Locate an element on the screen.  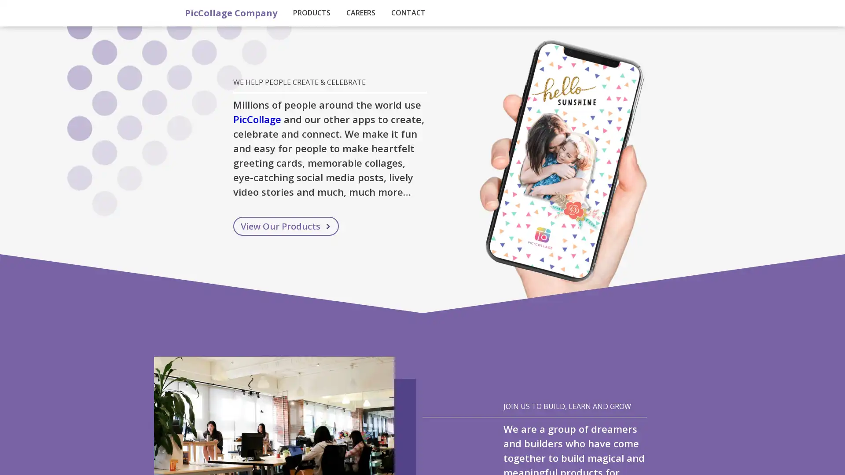
View Our Products next_active is located at coordinates (286, 226).